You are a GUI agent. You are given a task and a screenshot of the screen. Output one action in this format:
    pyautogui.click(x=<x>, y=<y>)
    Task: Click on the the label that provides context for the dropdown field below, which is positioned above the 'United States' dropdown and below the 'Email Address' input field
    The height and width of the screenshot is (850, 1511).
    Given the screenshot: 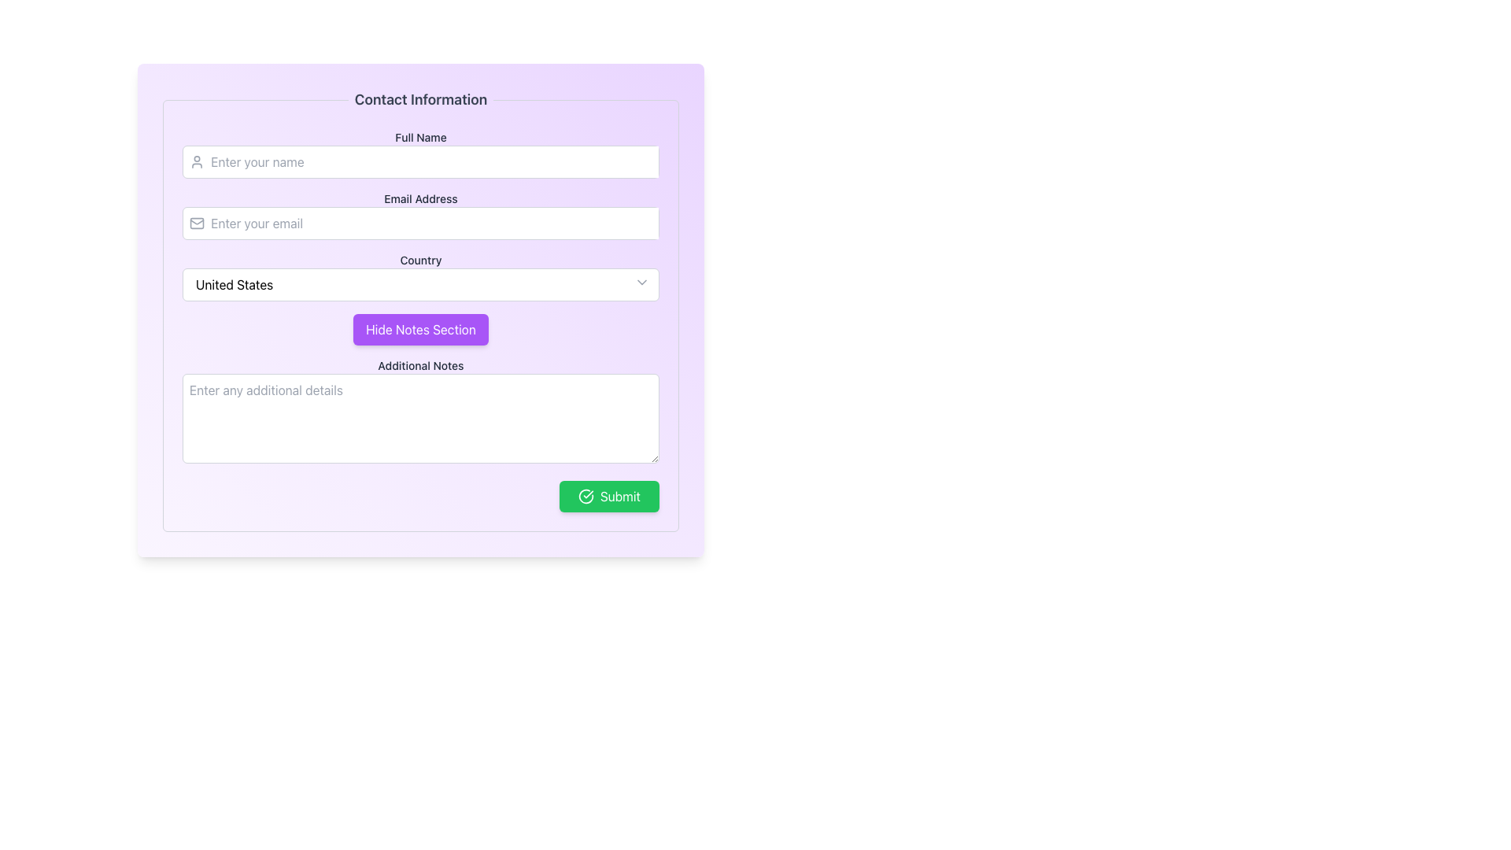 What is the action you would take?
    pyautogui.click(x=420, y=260)
    